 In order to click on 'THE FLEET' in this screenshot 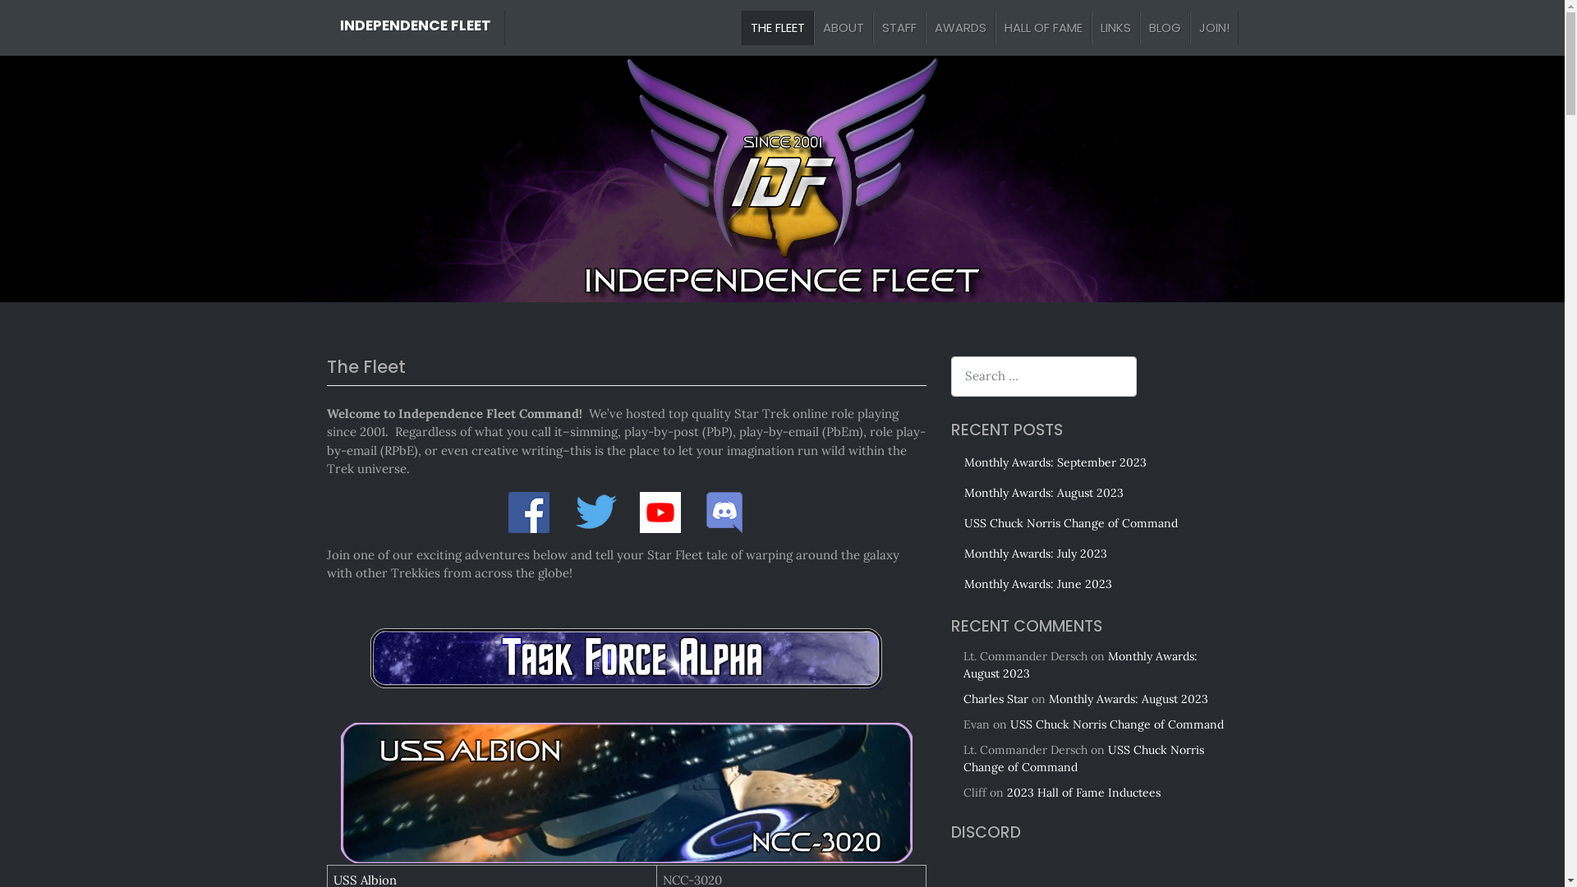, I will do `click(775, 28)`.